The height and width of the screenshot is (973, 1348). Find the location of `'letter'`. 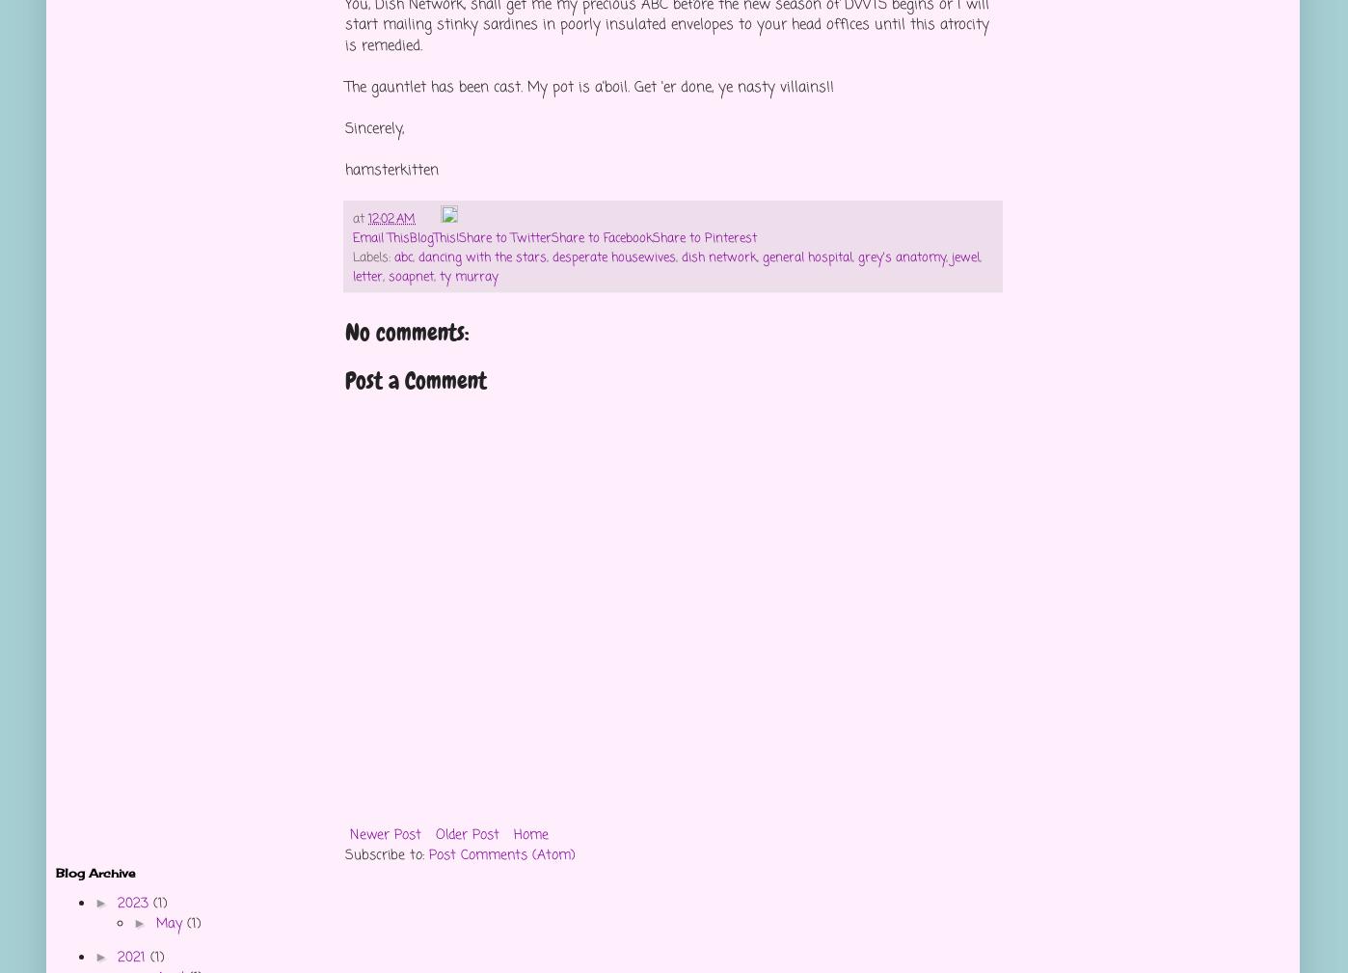

'letter' is located at coordinates (366, 276).